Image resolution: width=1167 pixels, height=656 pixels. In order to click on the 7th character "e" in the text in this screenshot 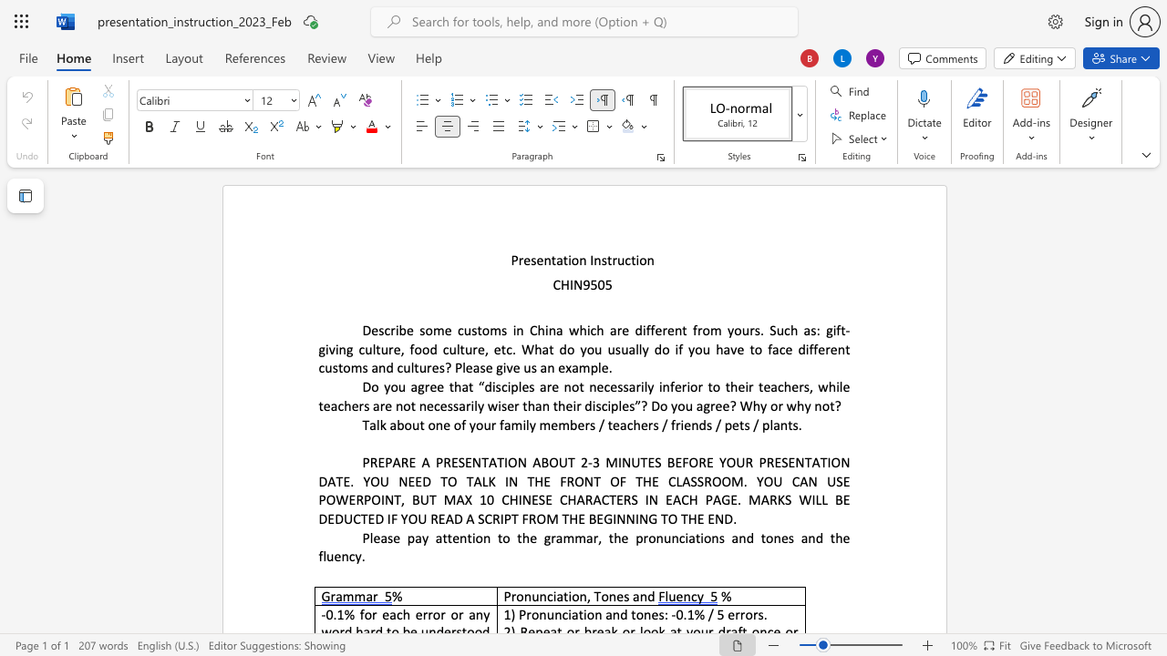, I will do `click(396, 349)`.